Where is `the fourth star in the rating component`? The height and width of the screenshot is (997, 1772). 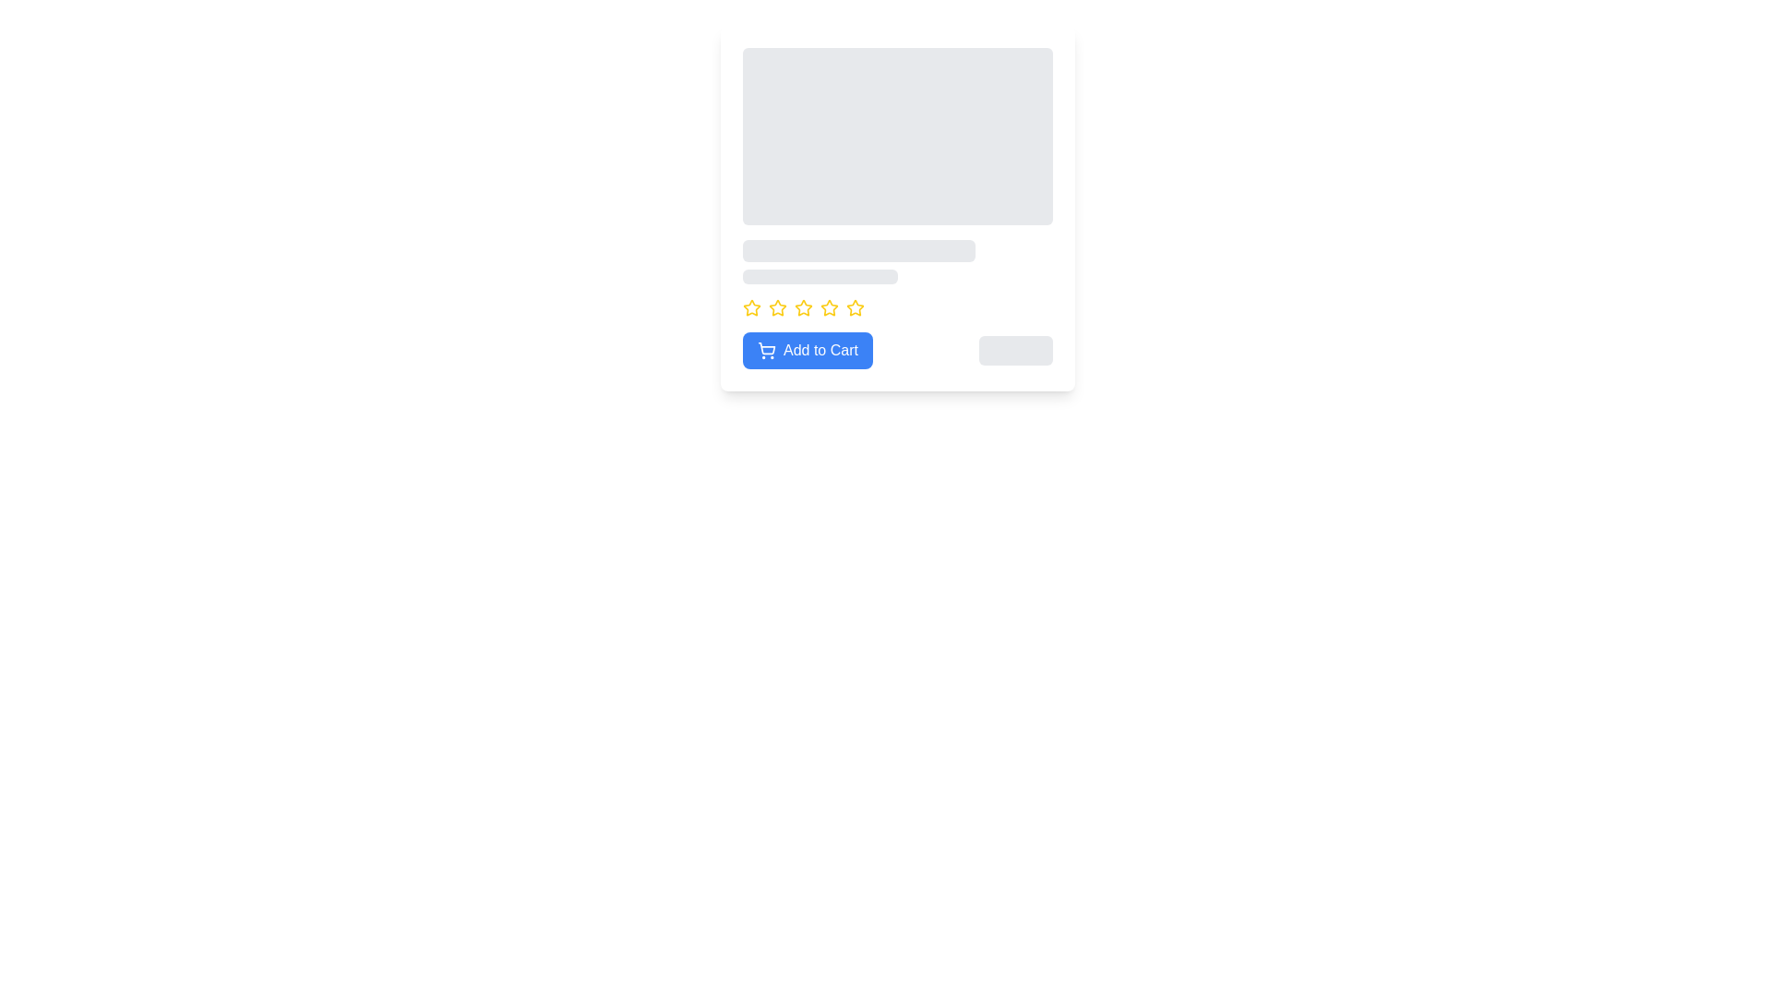 the fourth star in the rating component is located at coordinates (828, 306).